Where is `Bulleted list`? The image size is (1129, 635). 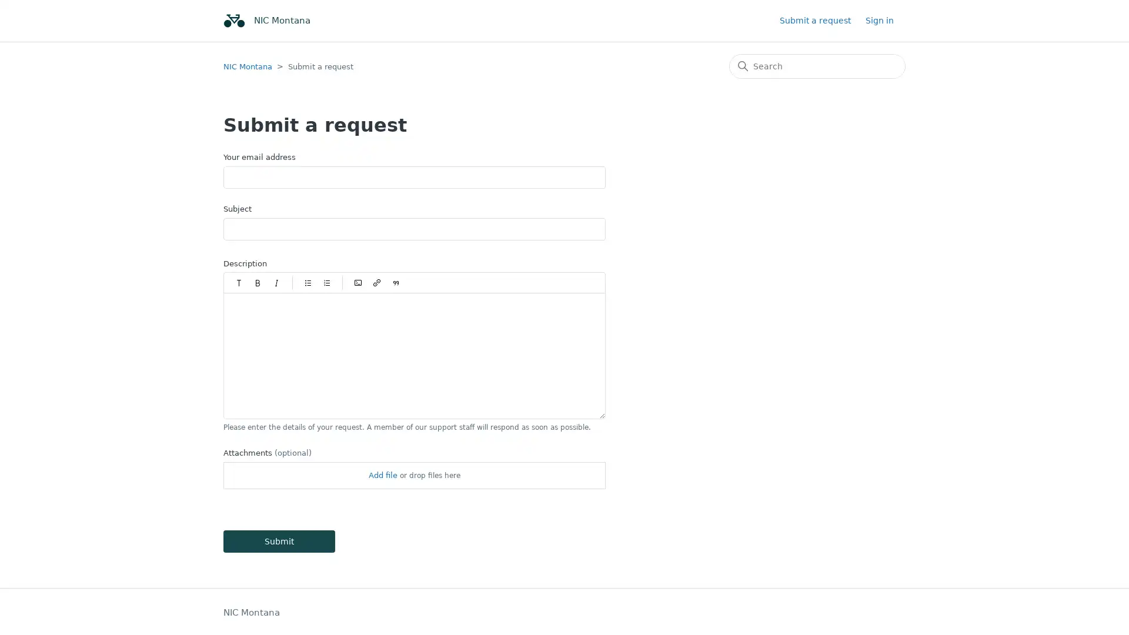 Bulleted list is located at coordinates (308, 283).